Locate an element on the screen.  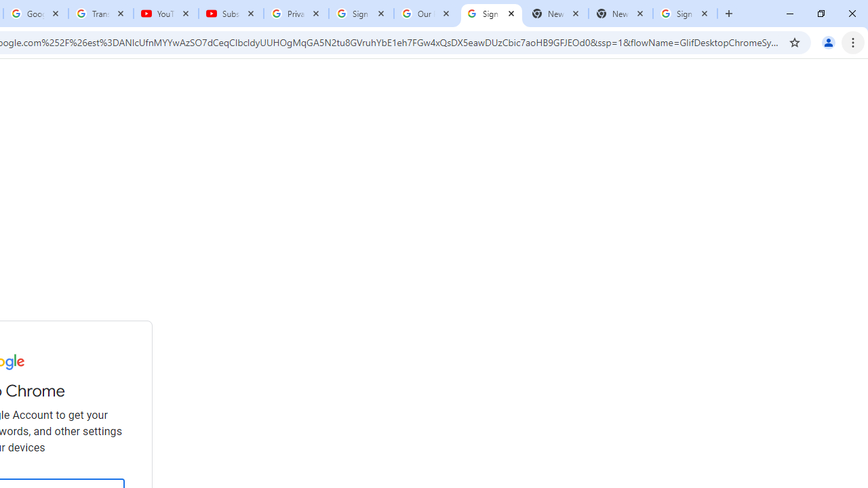
'YouTube' is located at coordinates (165, 14).